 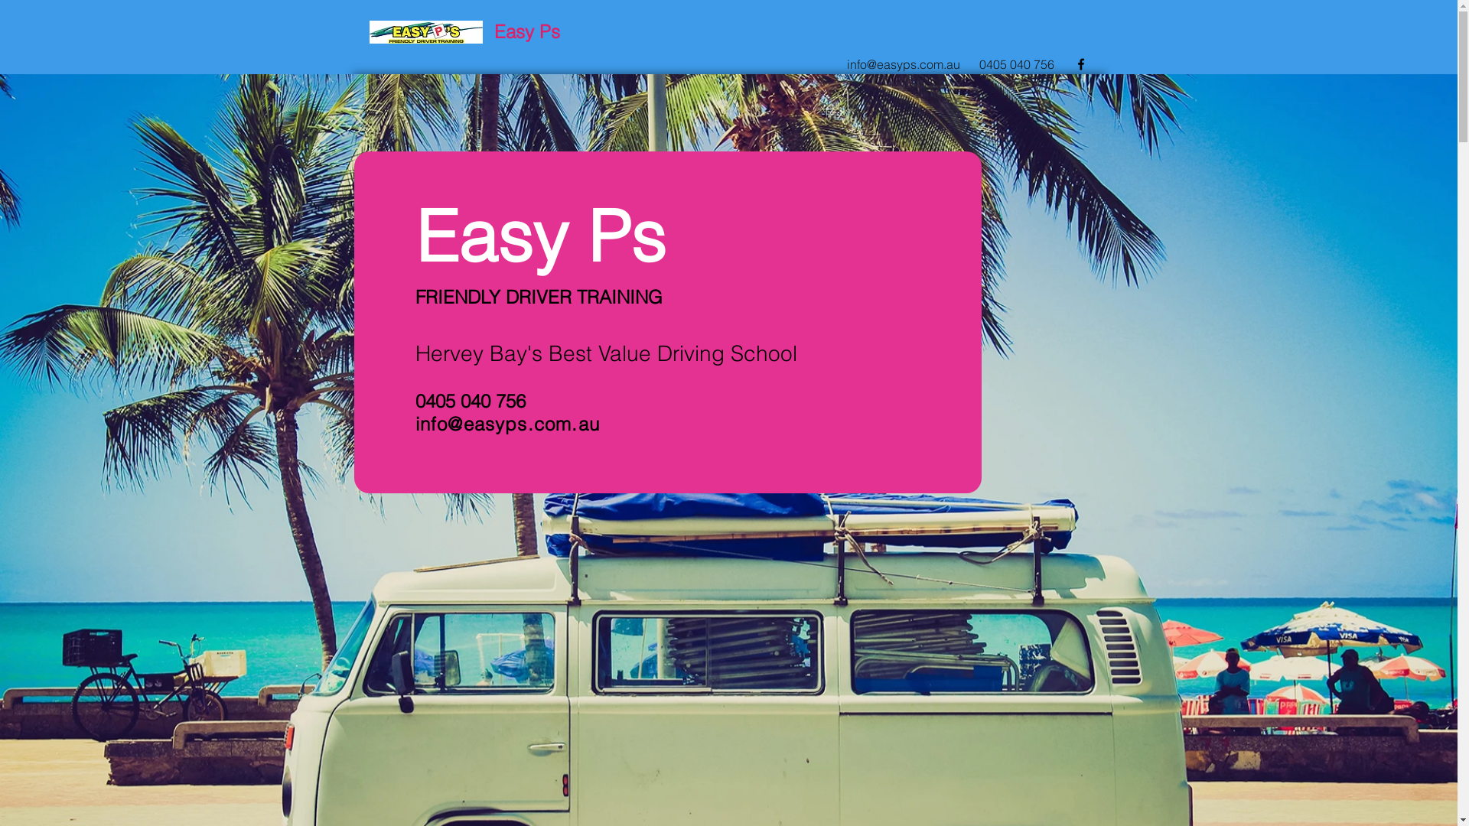 What do you see at coordinates (903, 63) in the screenshot?
I see `'info@easyps.com.au'` at bounding box center [903, 63].